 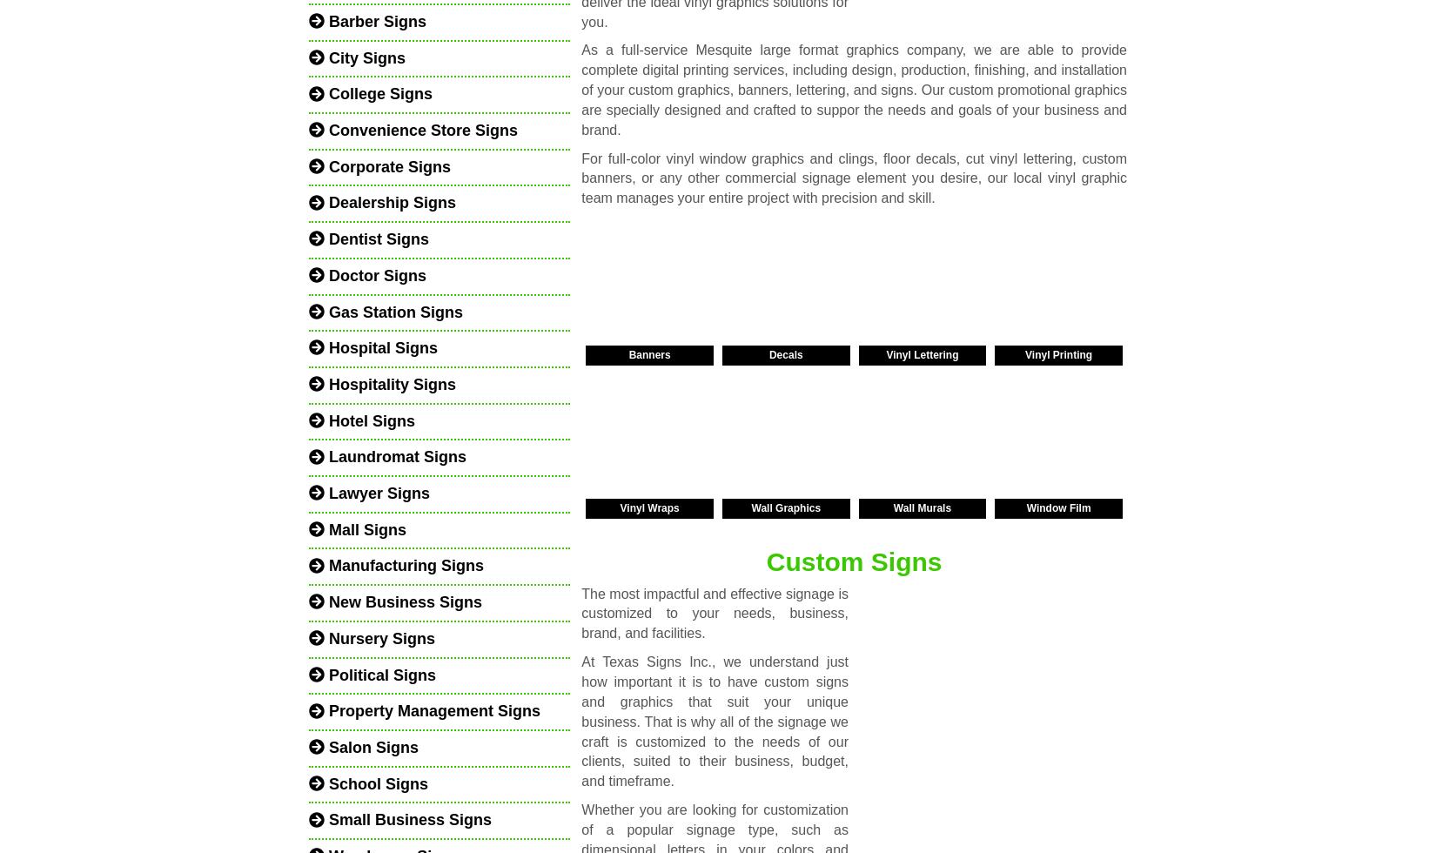 What do you see at coordinates (325, 783) in the screenshot?
I see `'School Signs'` at bounding box center [325, 783].